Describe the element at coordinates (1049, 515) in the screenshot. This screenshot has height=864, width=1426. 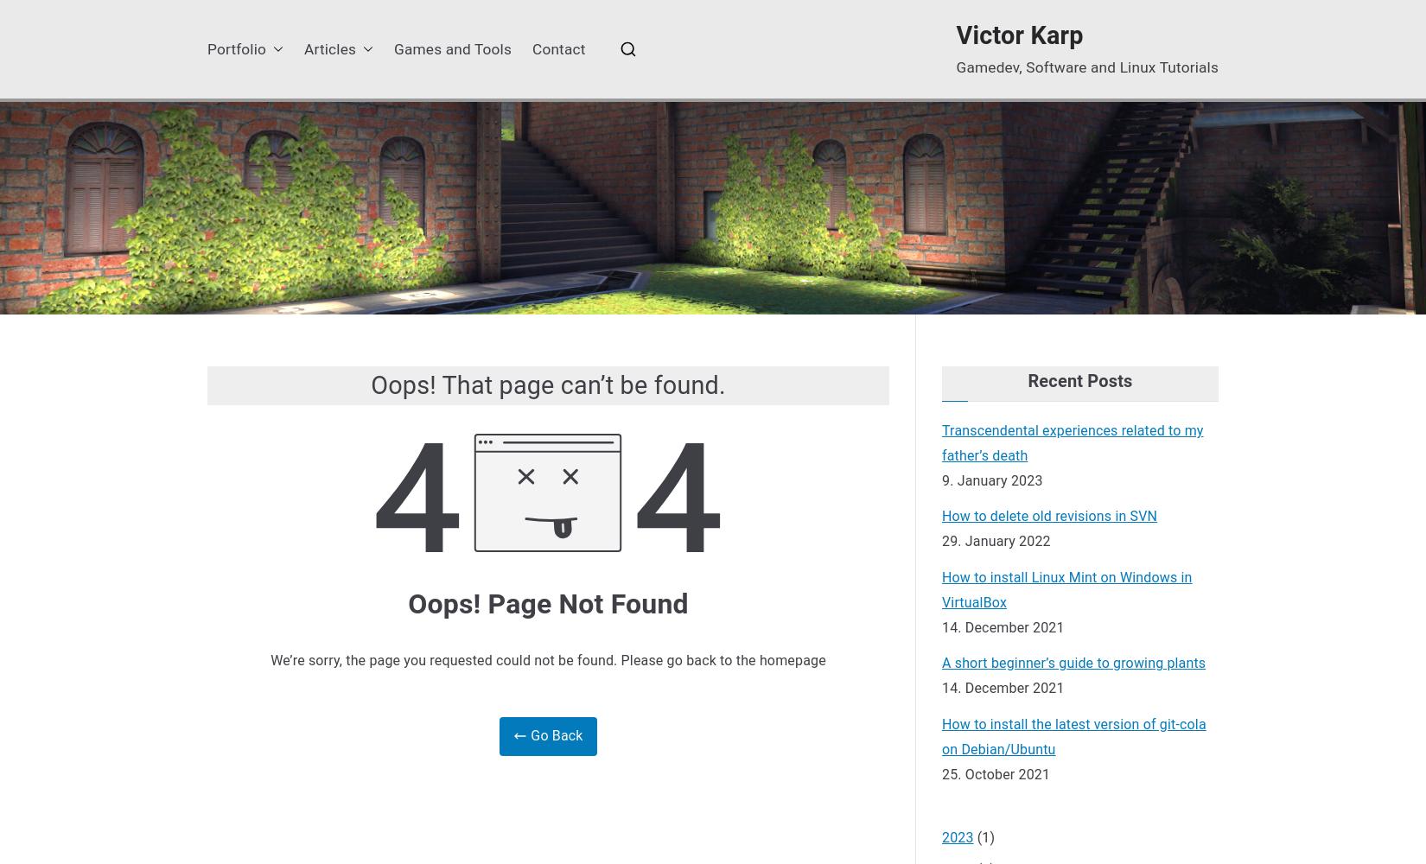
I see `'How to delete old revisions in SVN'` at that location.